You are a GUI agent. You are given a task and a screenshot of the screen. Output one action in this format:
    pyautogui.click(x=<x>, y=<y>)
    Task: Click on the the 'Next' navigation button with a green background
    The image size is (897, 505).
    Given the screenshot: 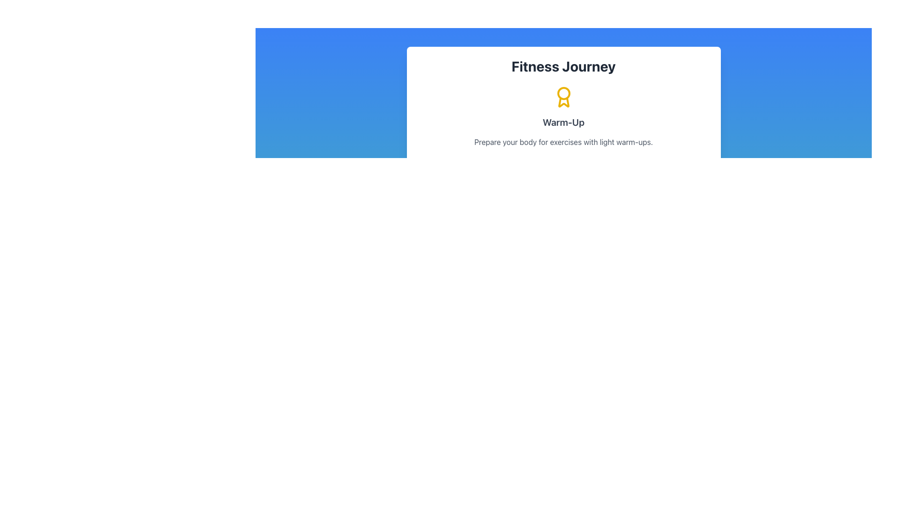 What is the action you would take?
    pyautogui.click(x=563, y=173)
    